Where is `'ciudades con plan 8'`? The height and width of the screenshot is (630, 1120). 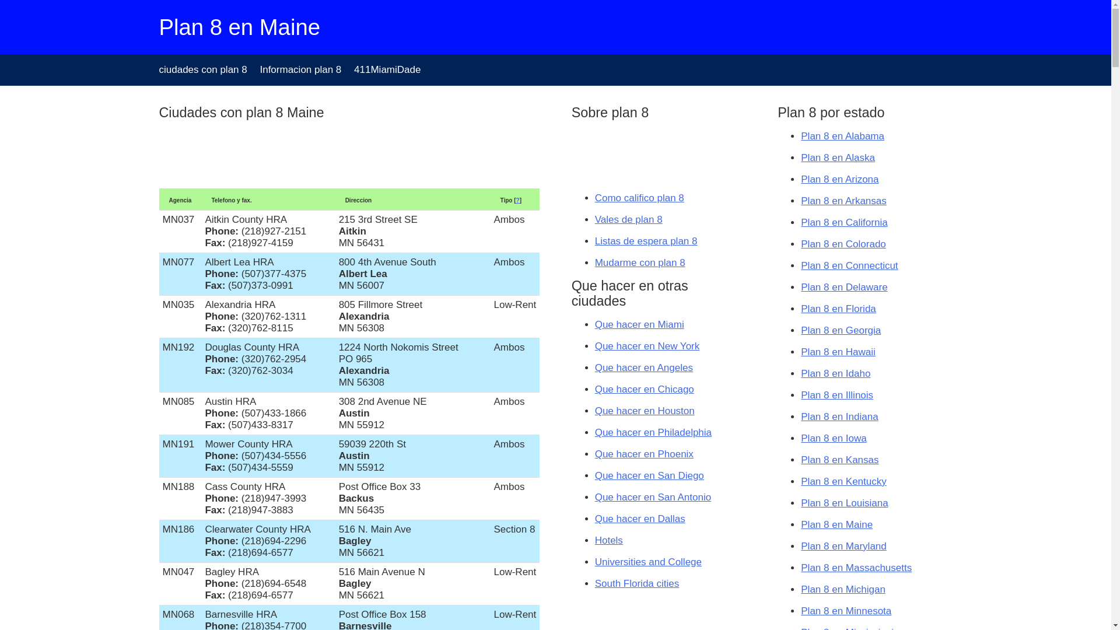
'ciudades con plan 8' is located at coordinates (202, 69).